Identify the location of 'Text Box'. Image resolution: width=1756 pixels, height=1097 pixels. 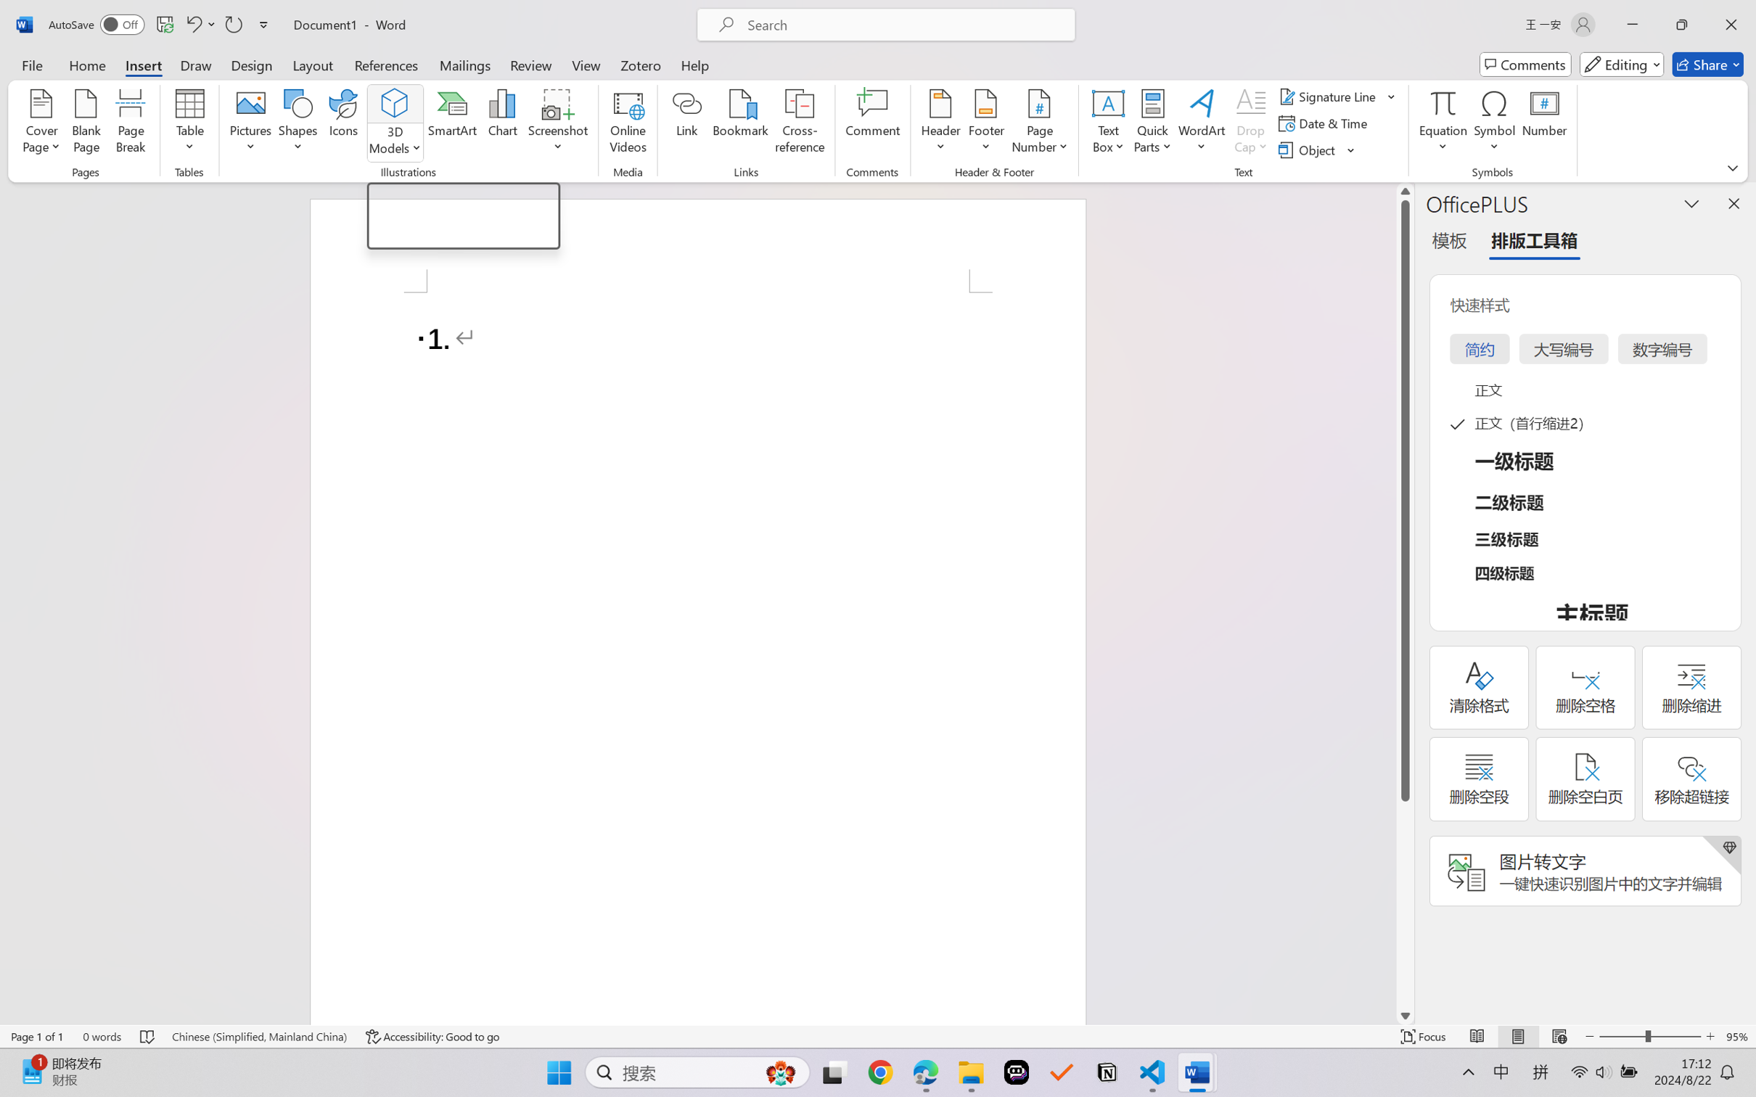
(1108, 123).